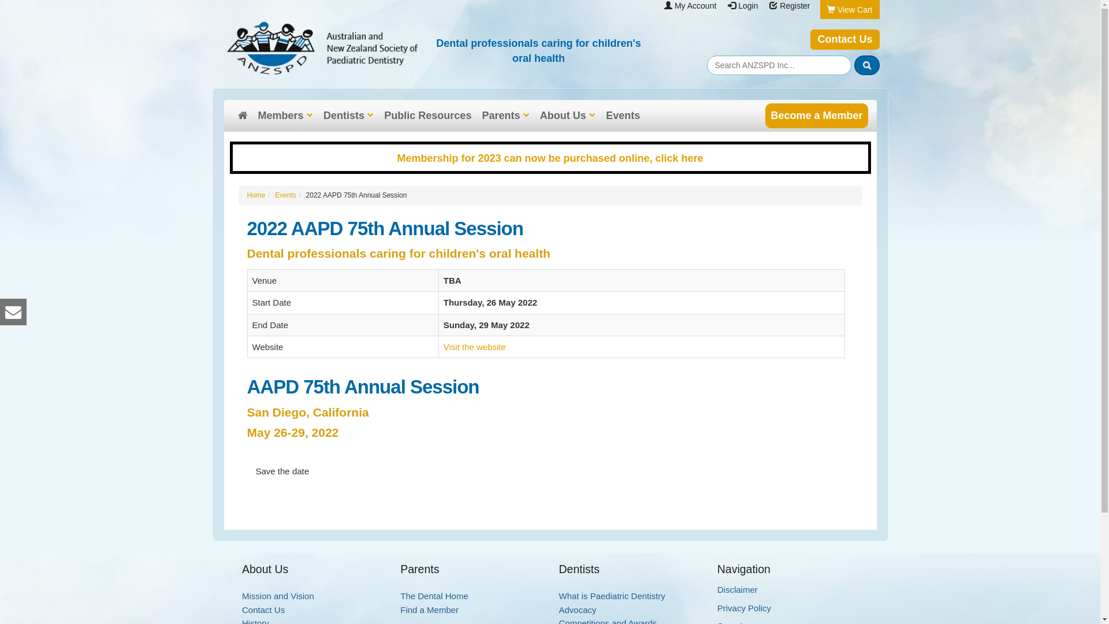 The height and width of the screenshot is (624, 1109). I want to click on 'Members', so click(285, 116).